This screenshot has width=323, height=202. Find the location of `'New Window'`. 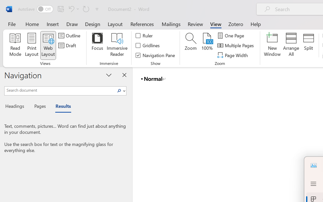

'New Window' is located at coordinates (272, 45).